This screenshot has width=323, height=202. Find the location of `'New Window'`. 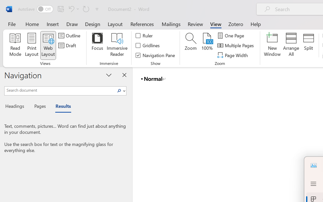

'New Window' is located at coordinates (272, 45).